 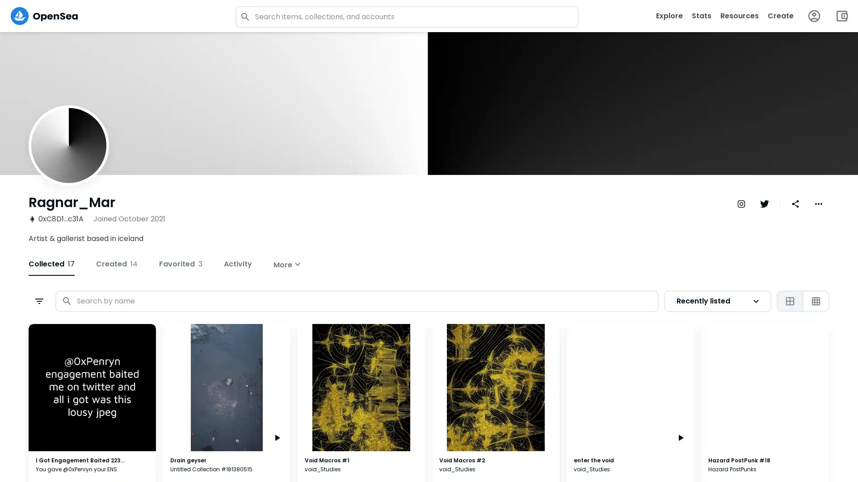 I want to click on Open, so click(x=38, y=301).